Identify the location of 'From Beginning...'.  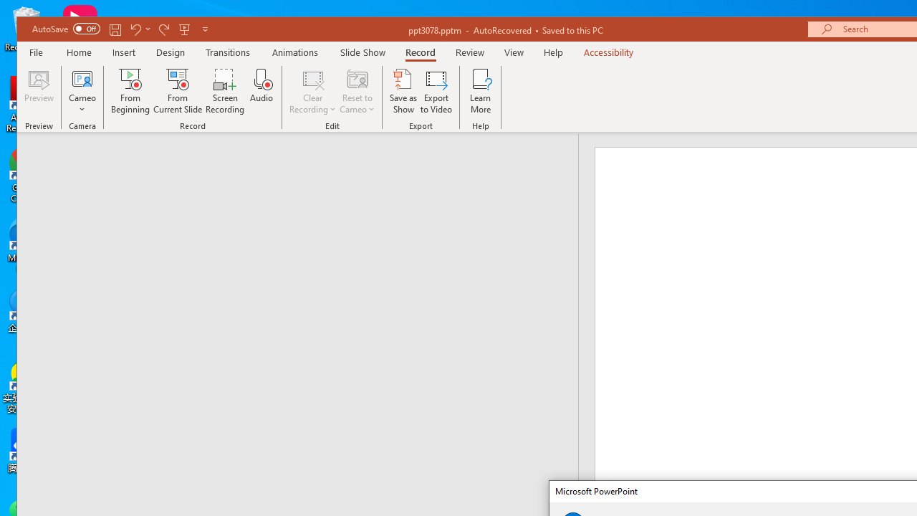
(131, 91).